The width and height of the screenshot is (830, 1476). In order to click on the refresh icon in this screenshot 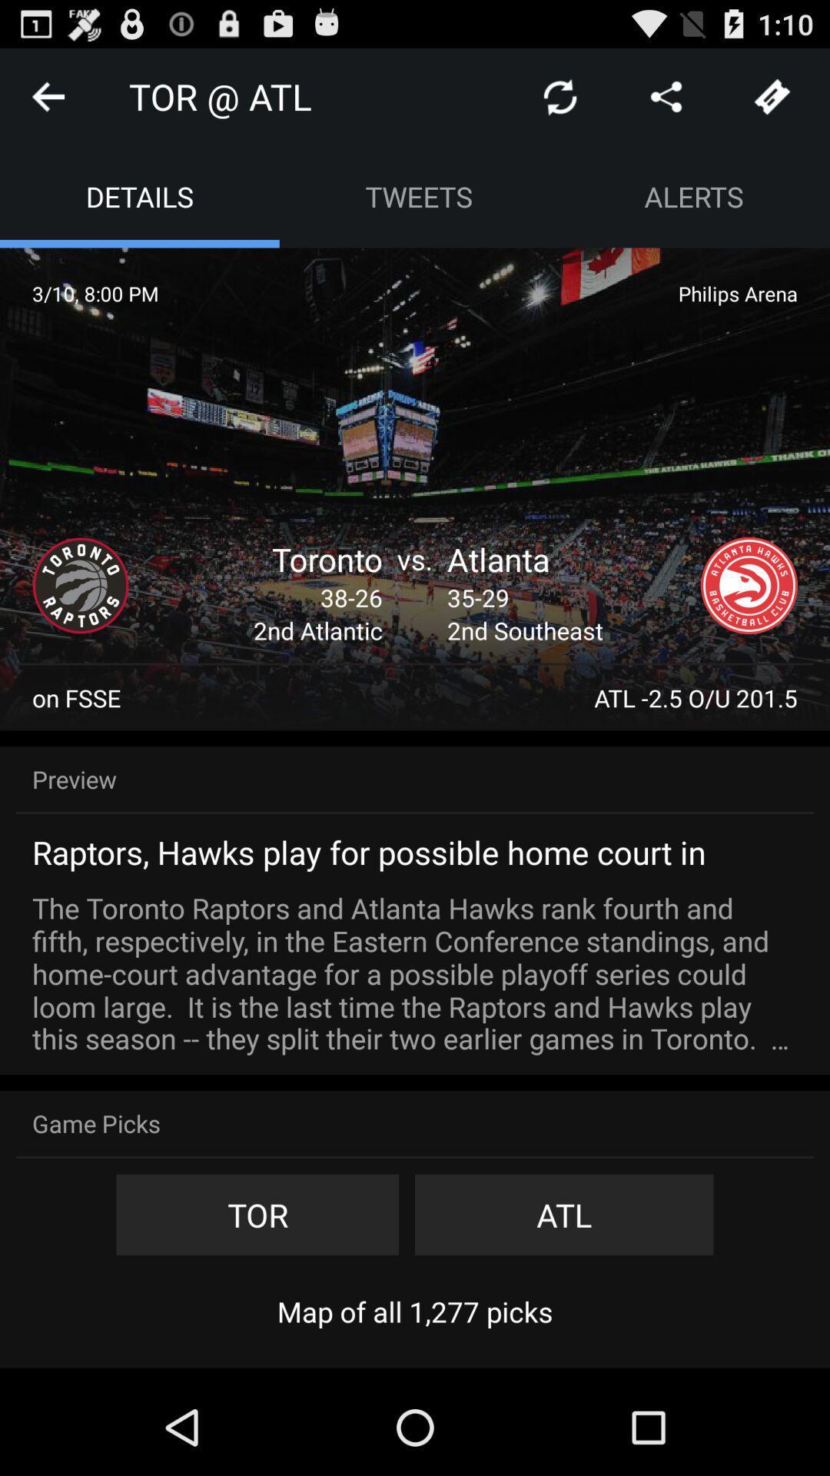, I will do `click(560, 102)`.